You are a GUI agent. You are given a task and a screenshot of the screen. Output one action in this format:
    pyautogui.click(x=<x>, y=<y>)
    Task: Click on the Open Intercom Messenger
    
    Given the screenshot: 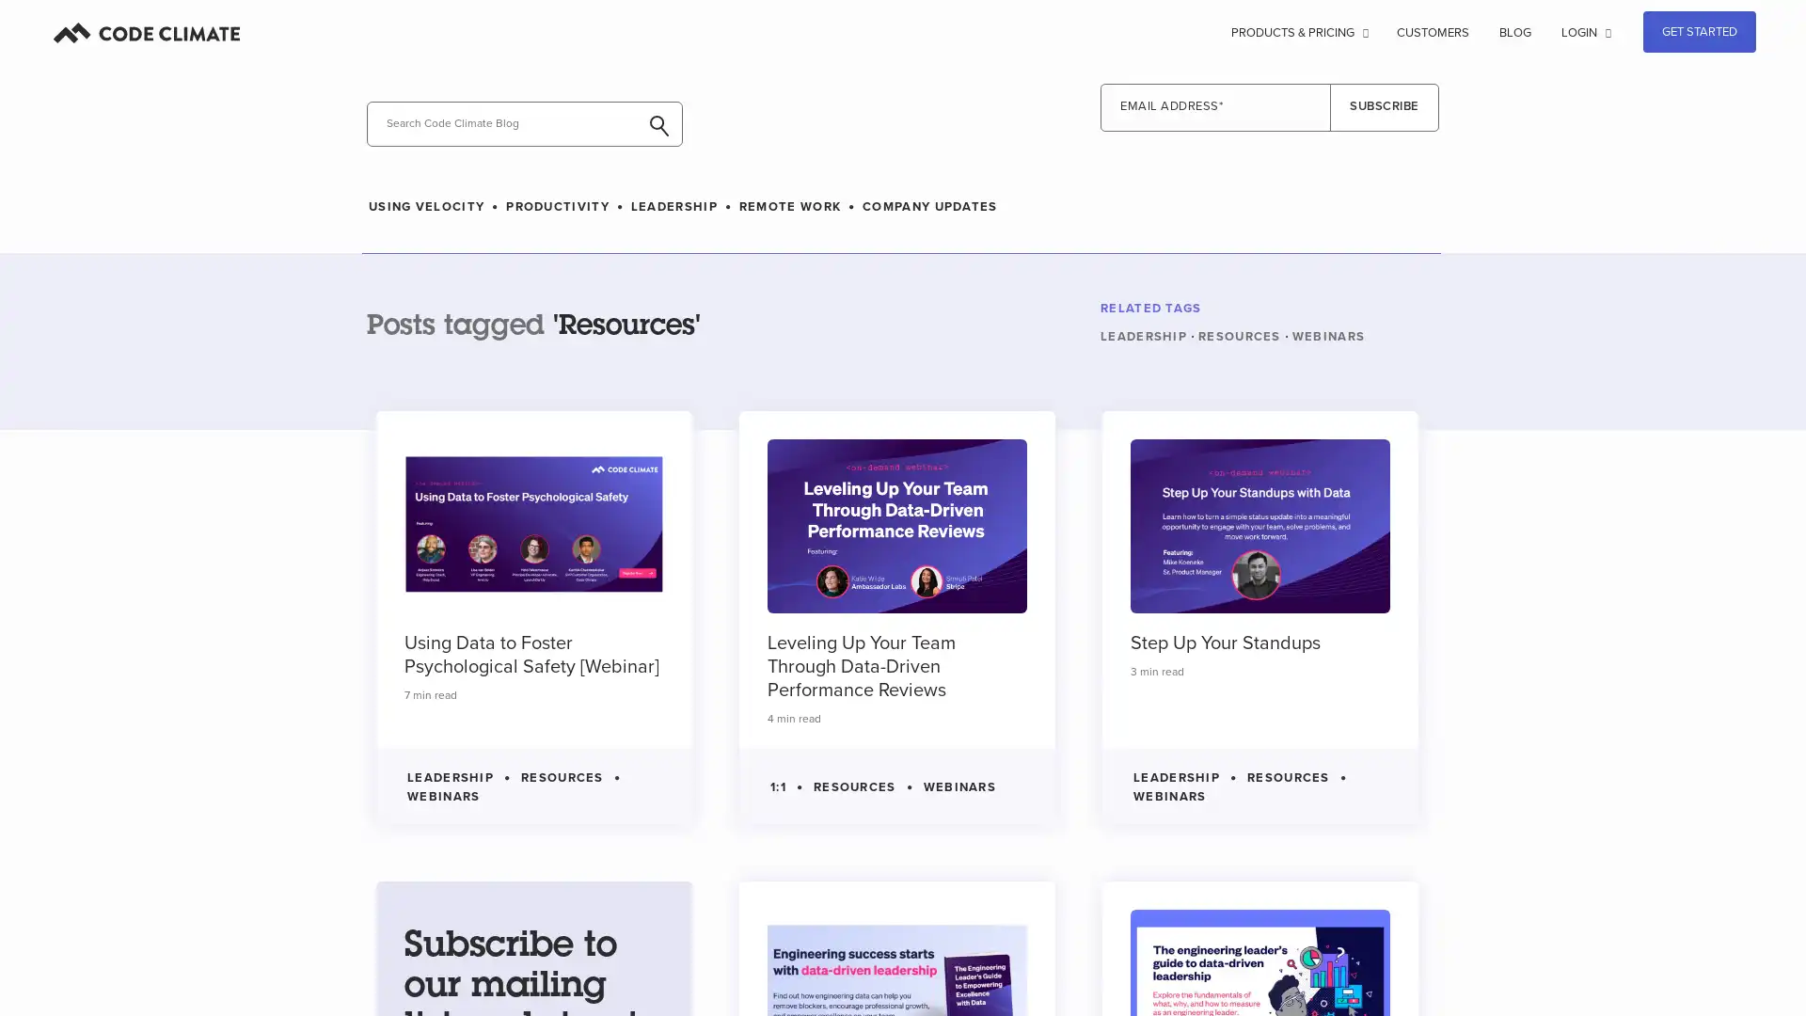 What is the action you would take?
    pyautogui.click(x=1738, y=968)
    